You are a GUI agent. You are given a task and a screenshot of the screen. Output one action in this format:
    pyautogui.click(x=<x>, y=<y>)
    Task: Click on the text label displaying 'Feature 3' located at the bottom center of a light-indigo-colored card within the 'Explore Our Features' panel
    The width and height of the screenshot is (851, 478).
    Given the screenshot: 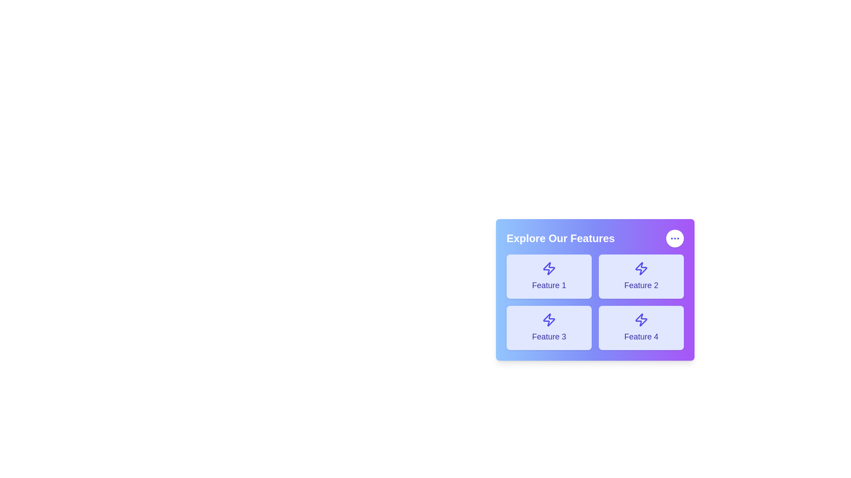 What is the action you would take?
    pyautogui.click(x=548, y=336)
    